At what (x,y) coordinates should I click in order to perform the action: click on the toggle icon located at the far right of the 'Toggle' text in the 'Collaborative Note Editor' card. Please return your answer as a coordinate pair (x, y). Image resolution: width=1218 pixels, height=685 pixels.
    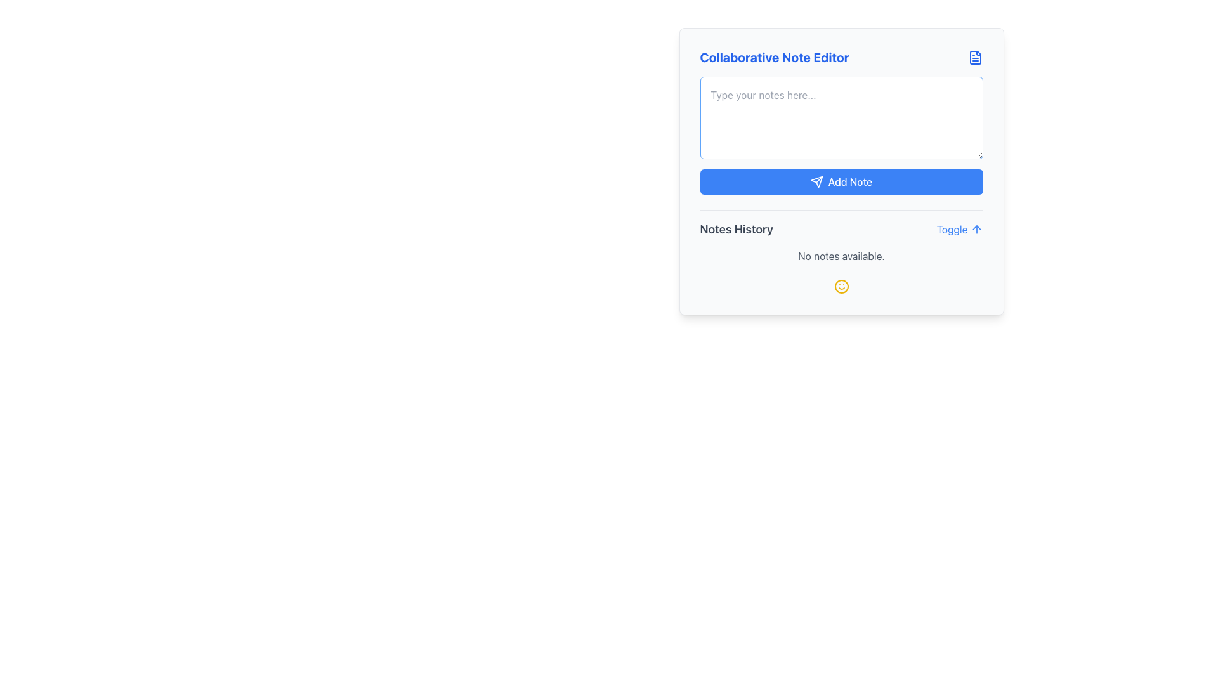
    Looking at the image, I should click on (976, 230).